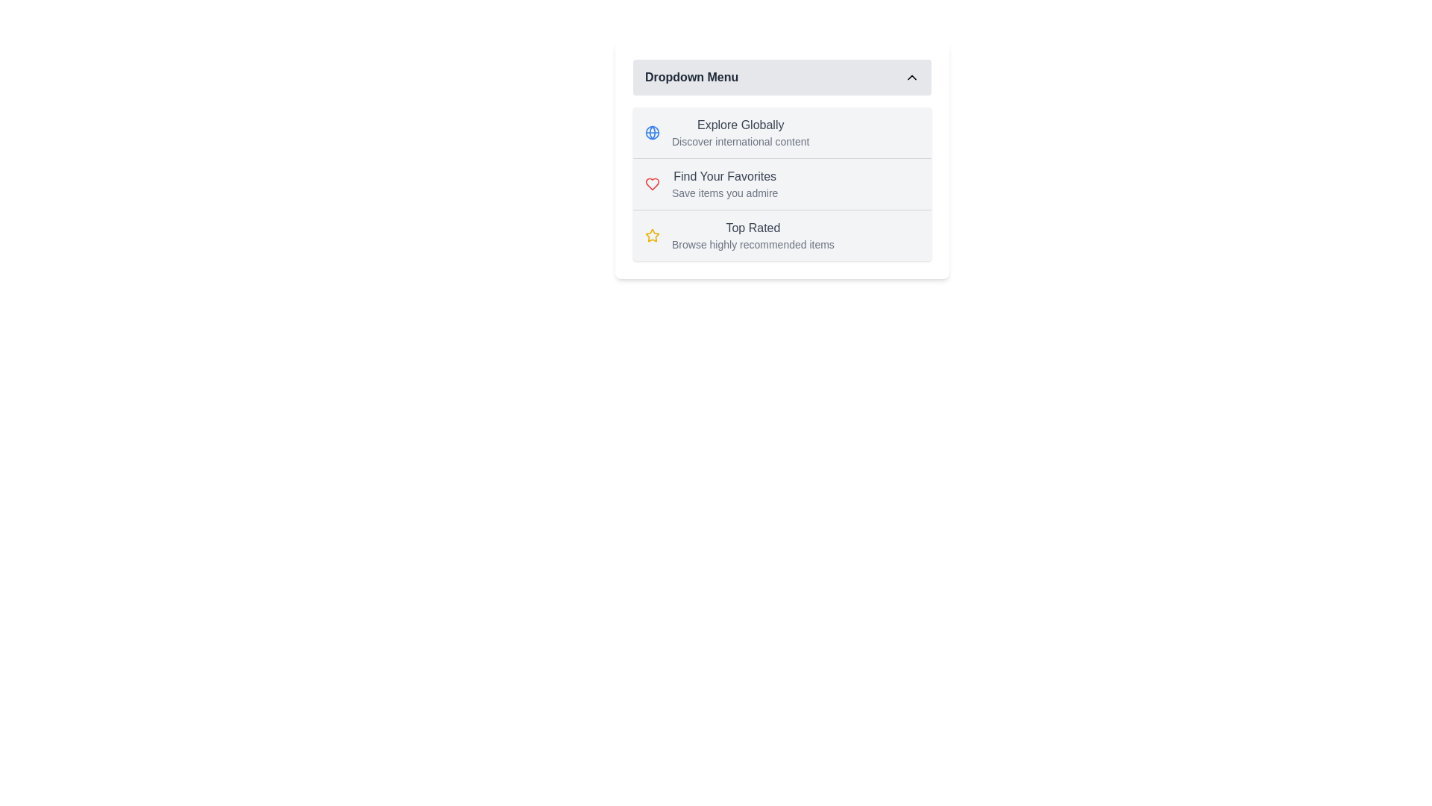 The width and height of the screenshot is (1432, 806). I want to click on the yellow star icon with a hollow center located to the left of the 'Top Rated' text in the dropdown menu, so click(652, 235).